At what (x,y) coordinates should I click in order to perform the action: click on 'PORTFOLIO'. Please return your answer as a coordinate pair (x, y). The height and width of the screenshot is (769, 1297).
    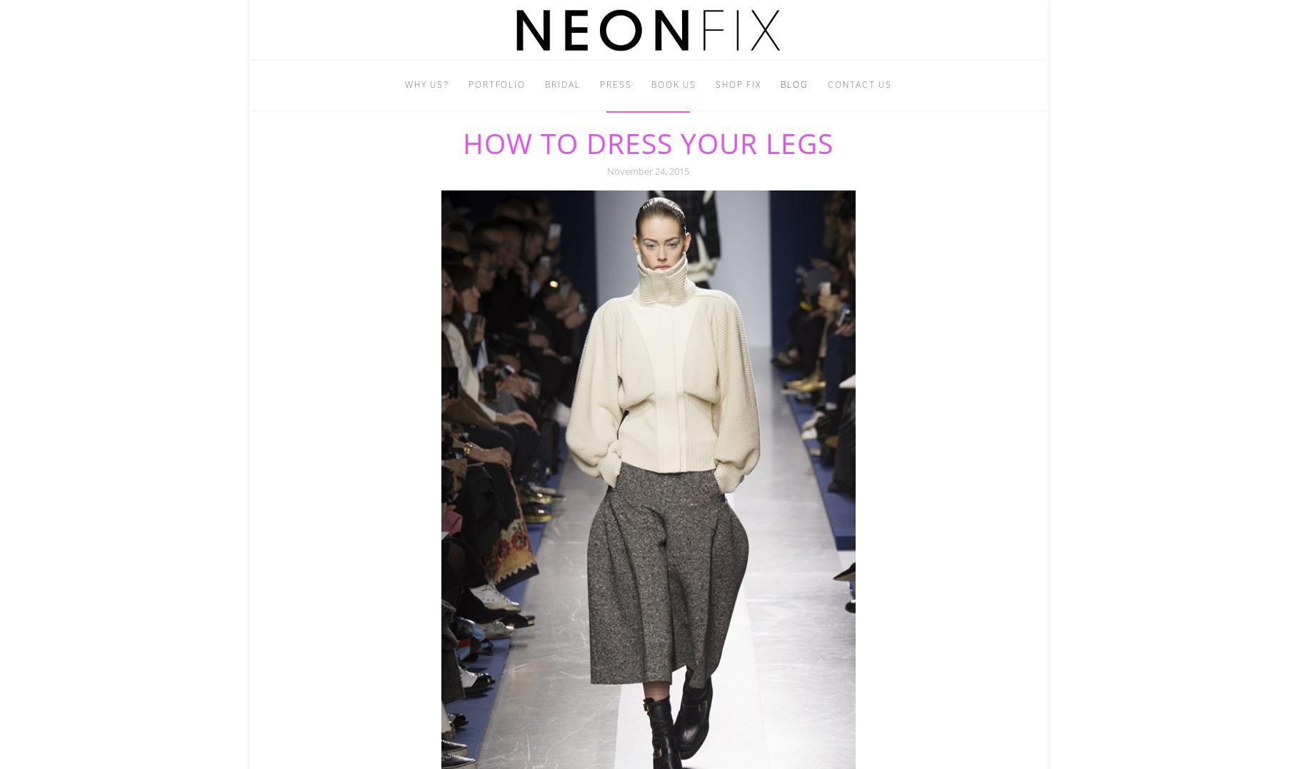
    Looking at the image, I should click on (496, 83).